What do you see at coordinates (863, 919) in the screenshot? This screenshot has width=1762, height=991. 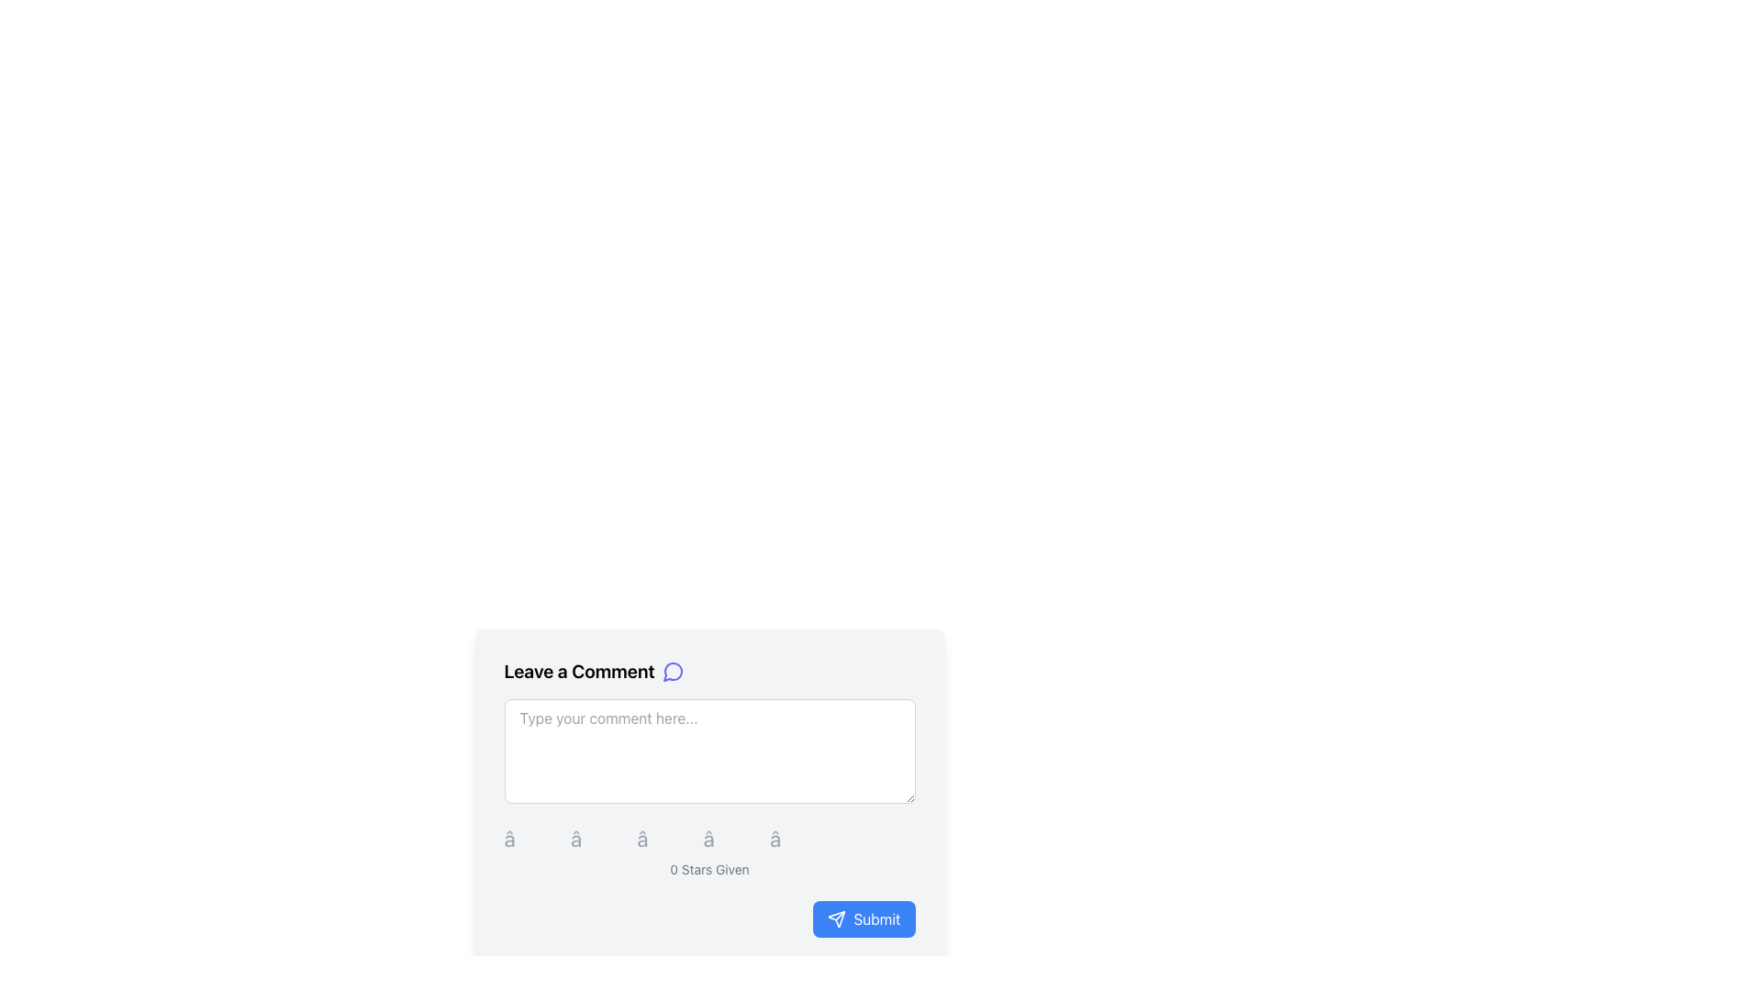 I see `the rectangular blue button with rounded corners labeled 'Submit' for accessibility actions` at bounding box center [863, 919].